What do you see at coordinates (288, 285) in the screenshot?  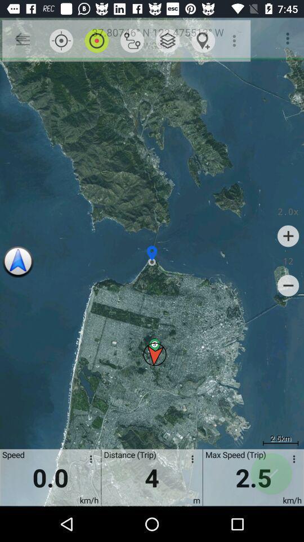 I see `the minus icon` at bounding box center [288, 285].